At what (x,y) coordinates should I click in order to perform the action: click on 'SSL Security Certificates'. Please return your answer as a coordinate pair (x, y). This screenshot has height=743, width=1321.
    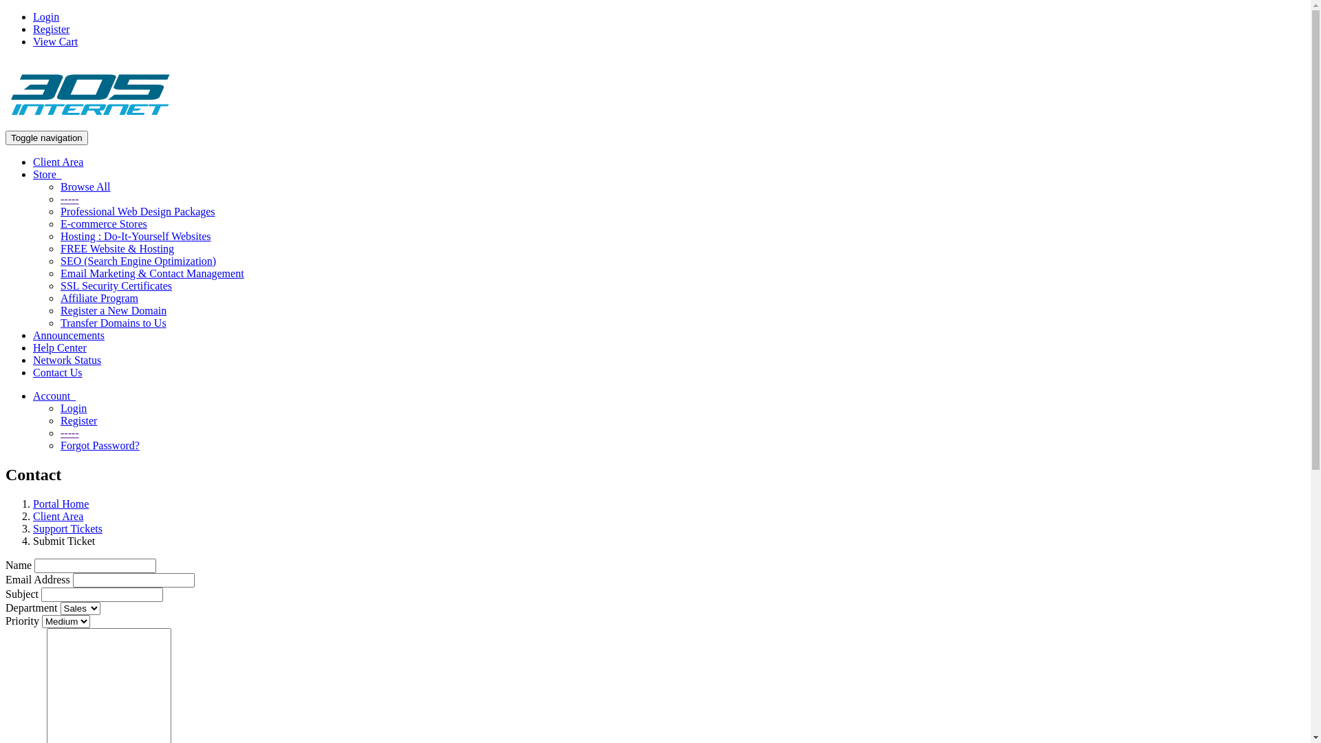
    Looking at the image, I should click on (116, 285).